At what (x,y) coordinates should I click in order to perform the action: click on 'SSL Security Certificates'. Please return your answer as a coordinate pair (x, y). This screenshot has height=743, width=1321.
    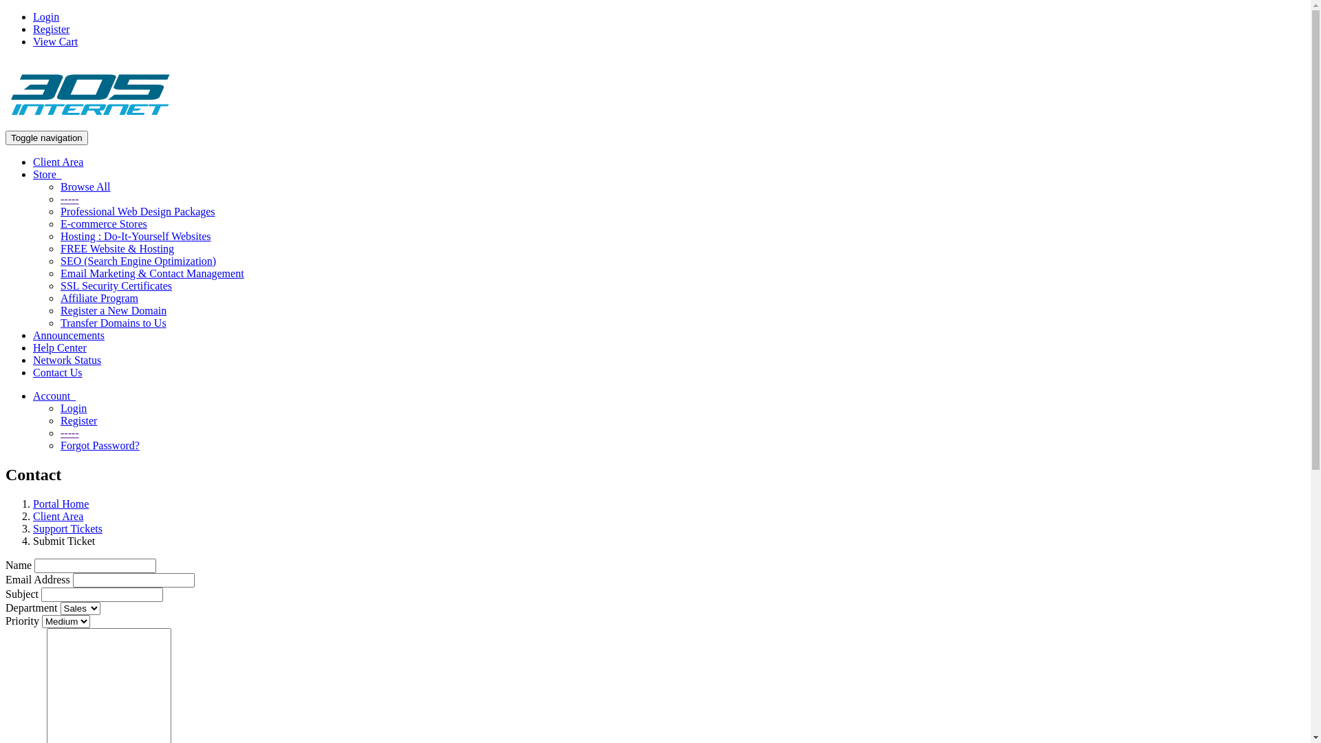
    Looking at the image, I should click on (116, 285).